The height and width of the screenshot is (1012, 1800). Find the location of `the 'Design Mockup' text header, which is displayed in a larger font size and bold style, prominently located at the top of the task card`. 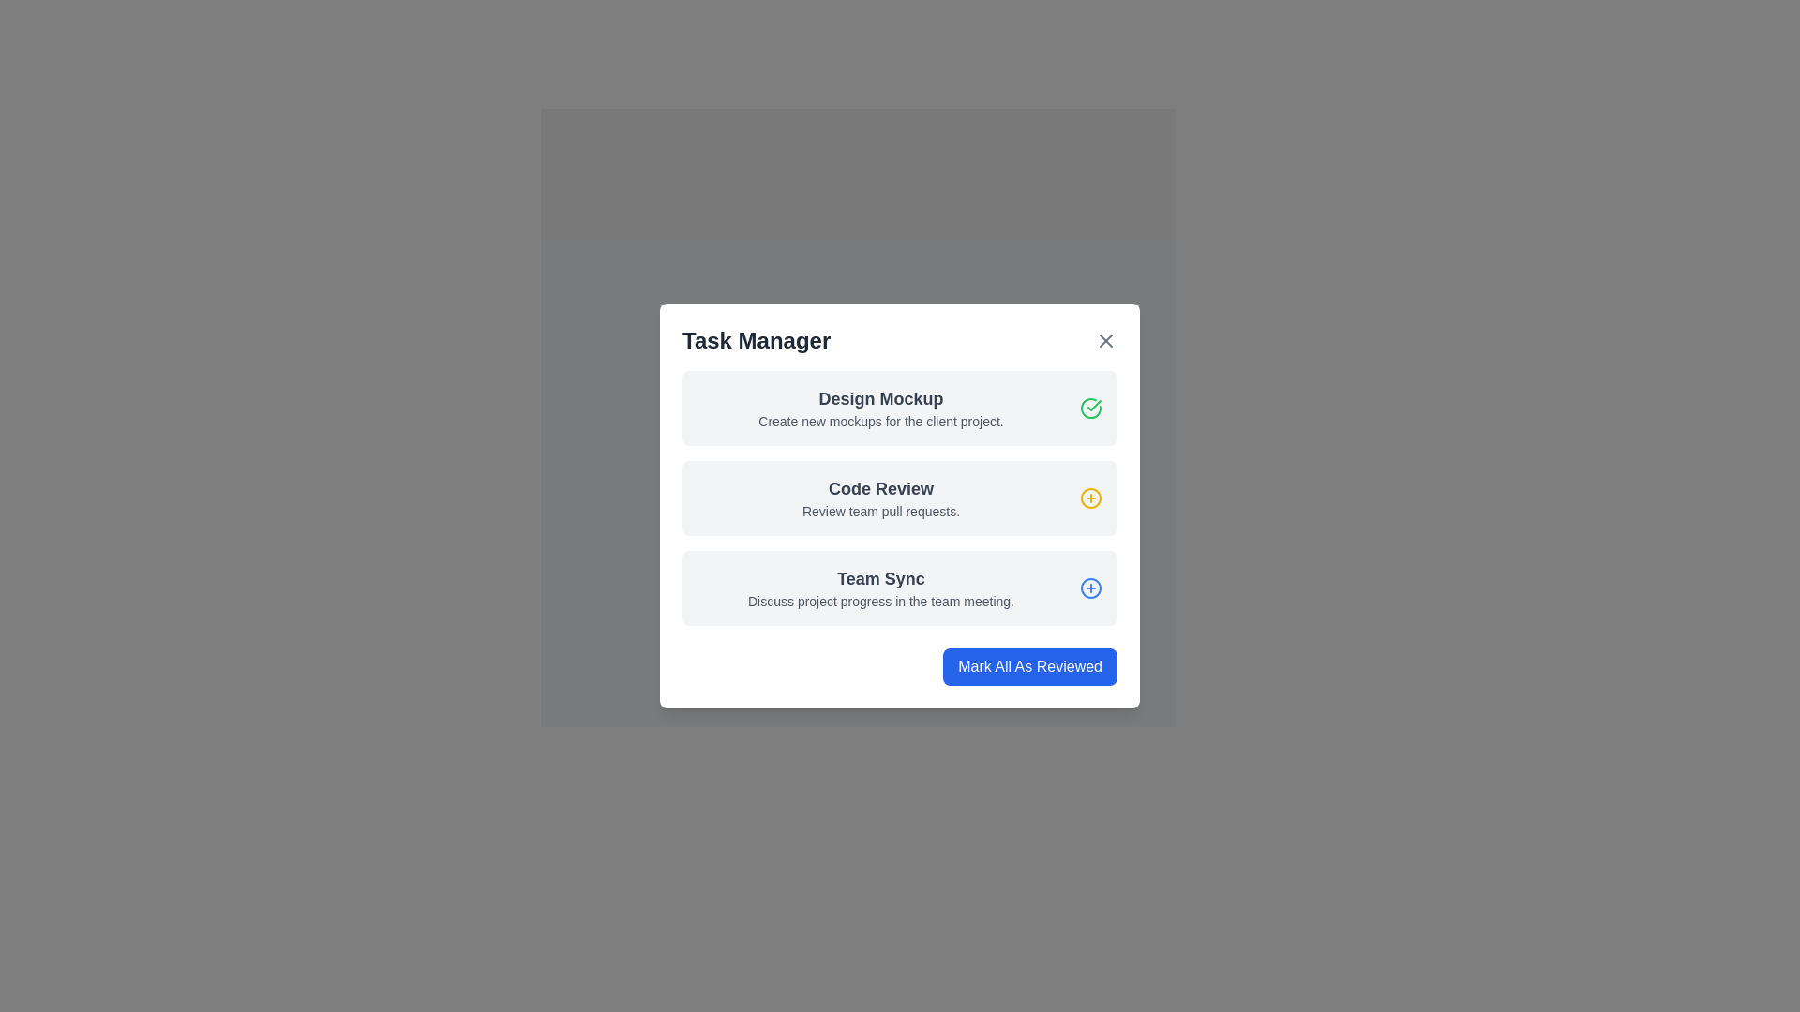

the 'Design Mockup' text header, which is displayed in a larger font size and bold style, prominently located at the top of the task card is located at coordinates (880, 397).